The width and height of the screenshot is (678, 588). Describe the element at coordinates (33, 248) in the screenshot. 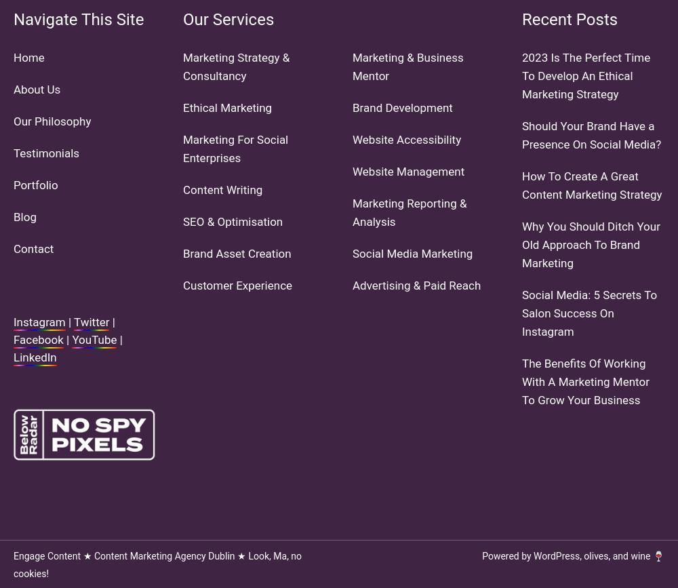

I see `'Contact'` at that location.